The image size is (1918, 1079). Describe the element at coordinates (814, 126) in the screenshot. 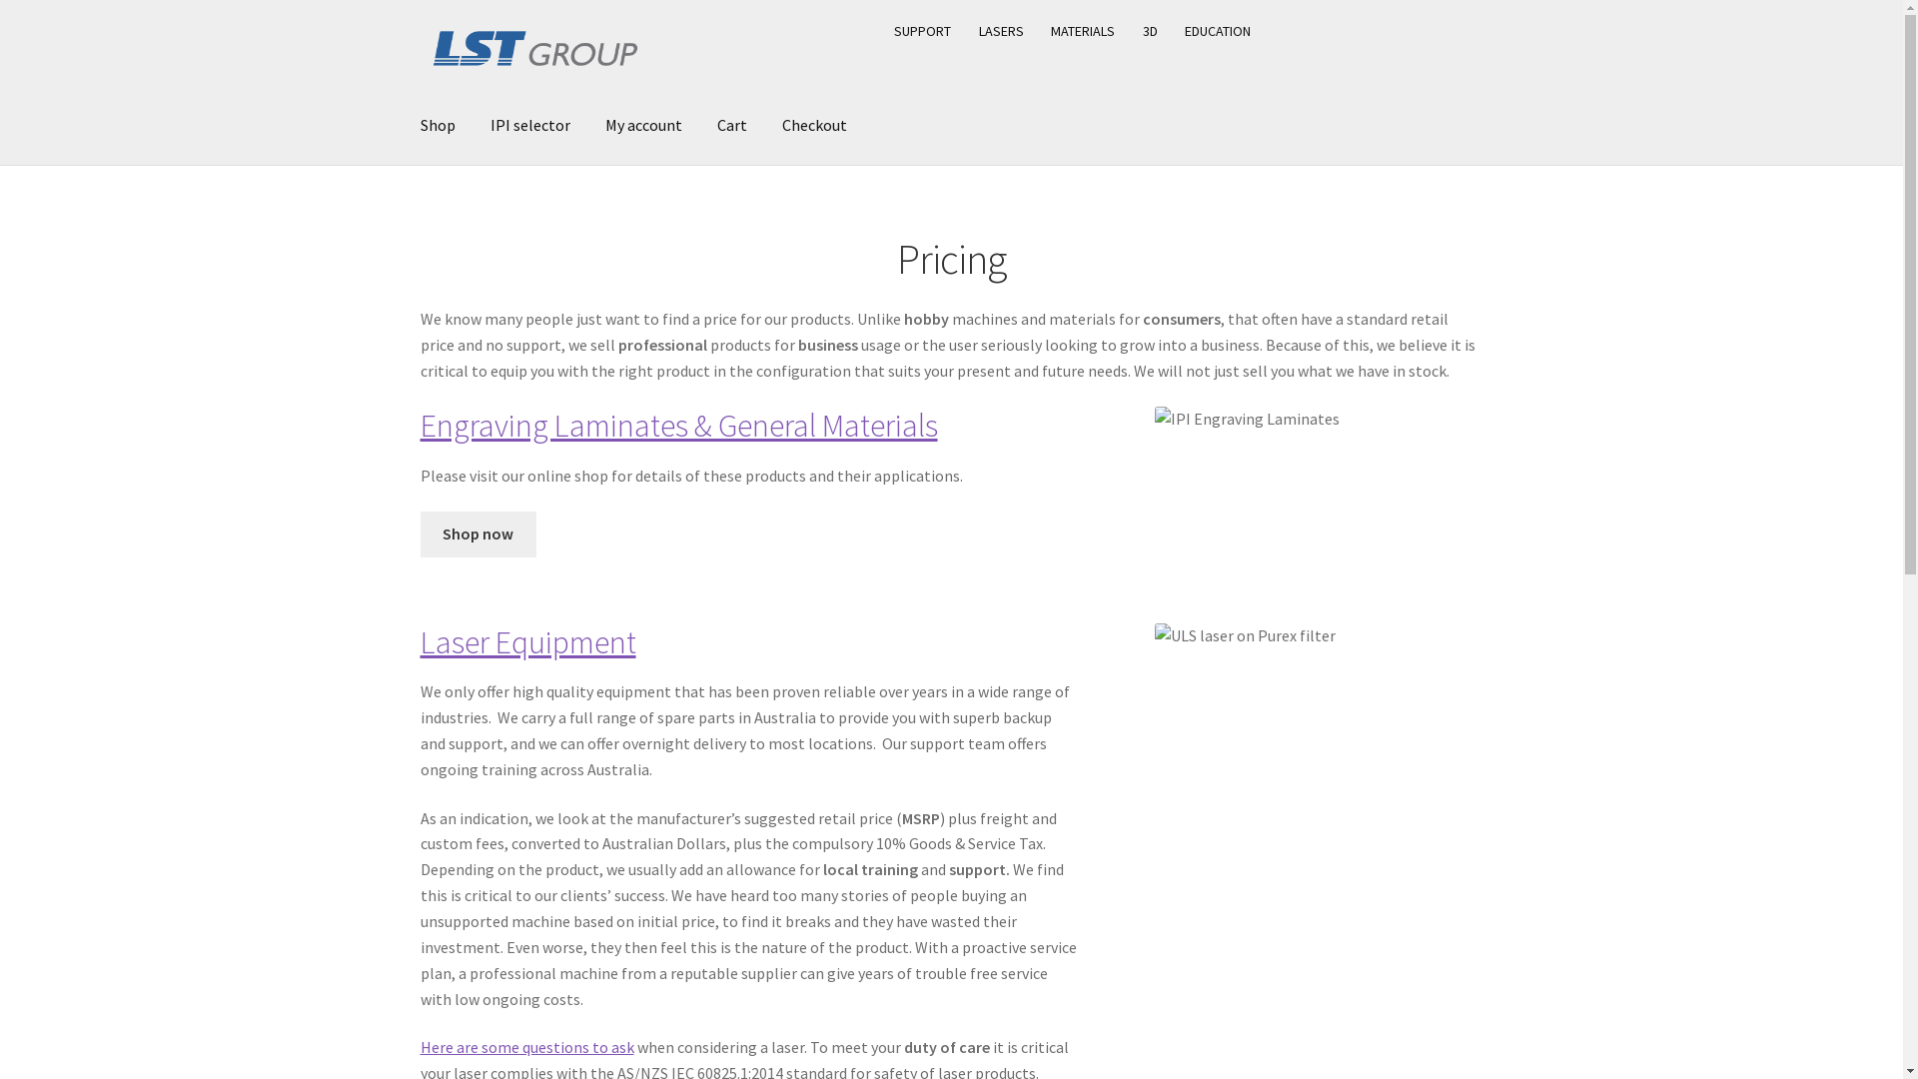

I see `'Checkout'` at that location.